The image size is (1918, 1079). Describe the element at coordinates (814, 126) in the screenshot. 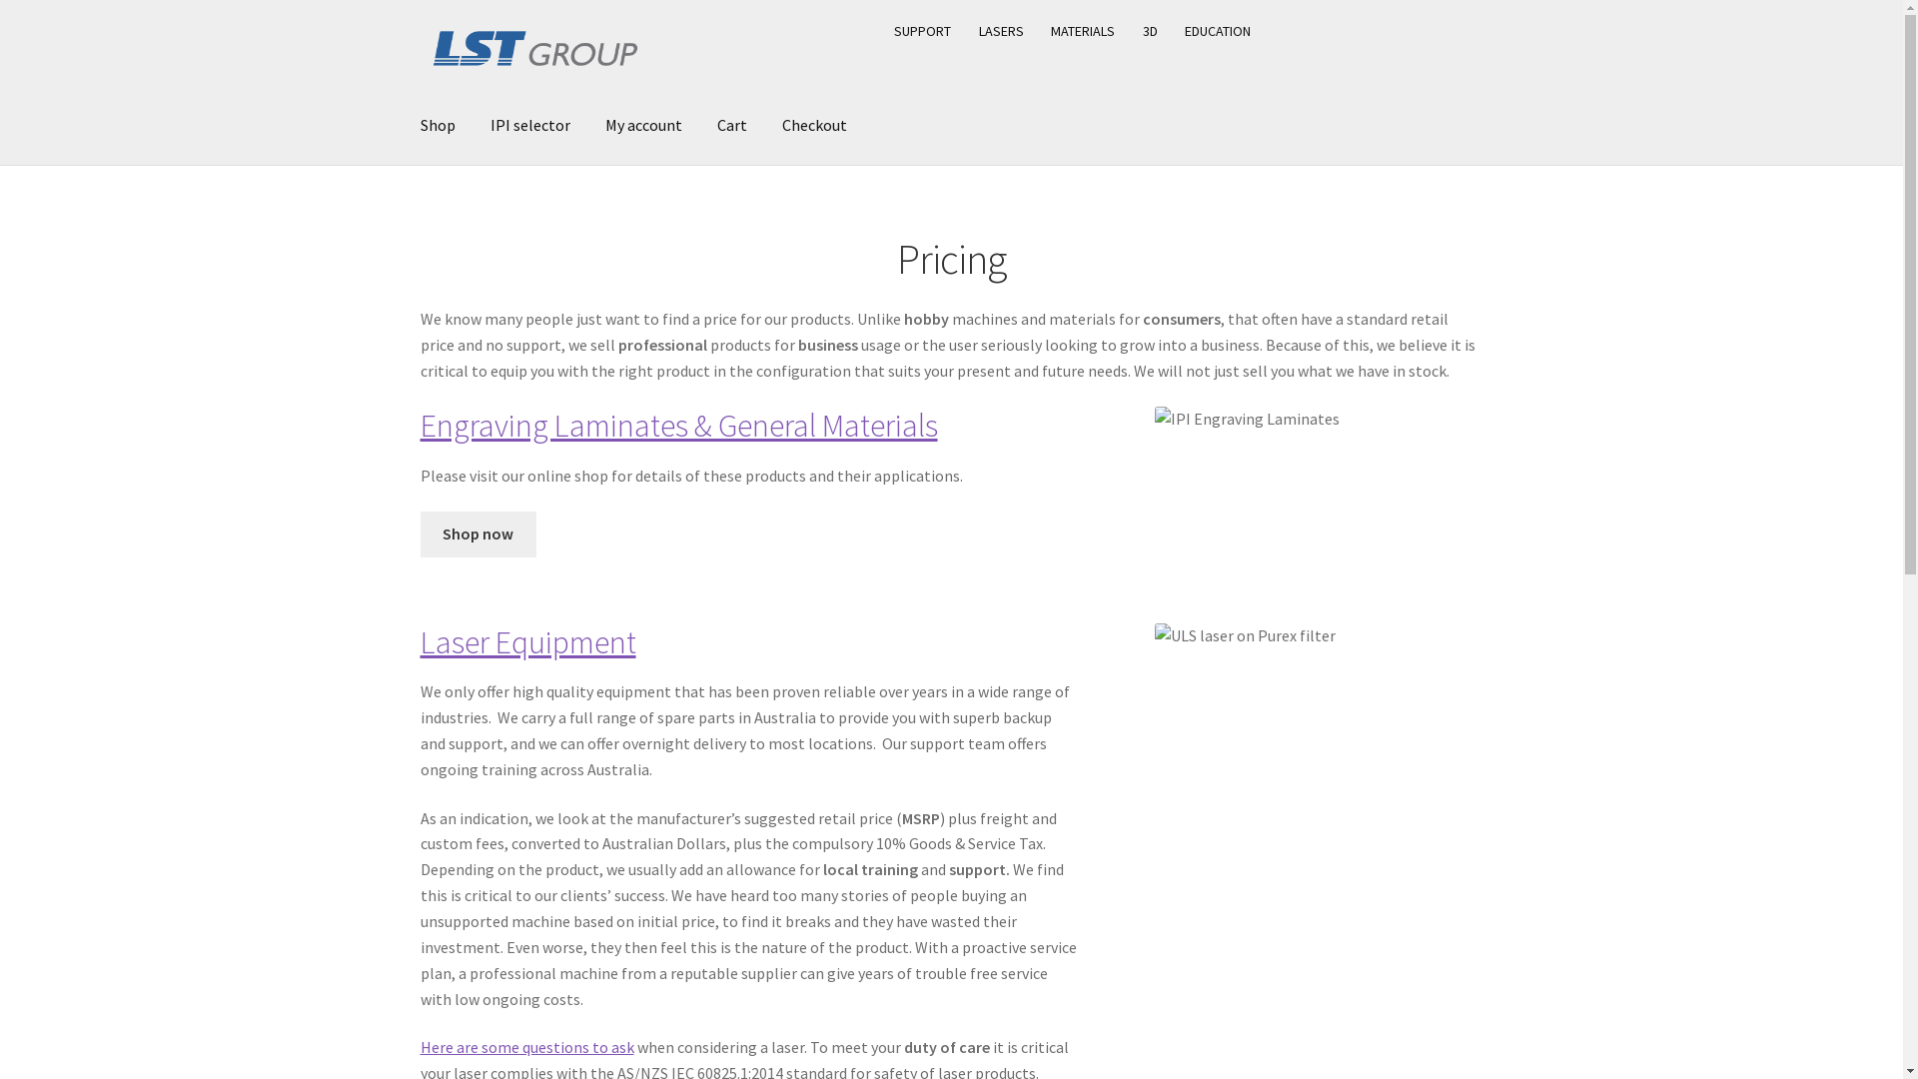

I see `'Checkout'` at that location.